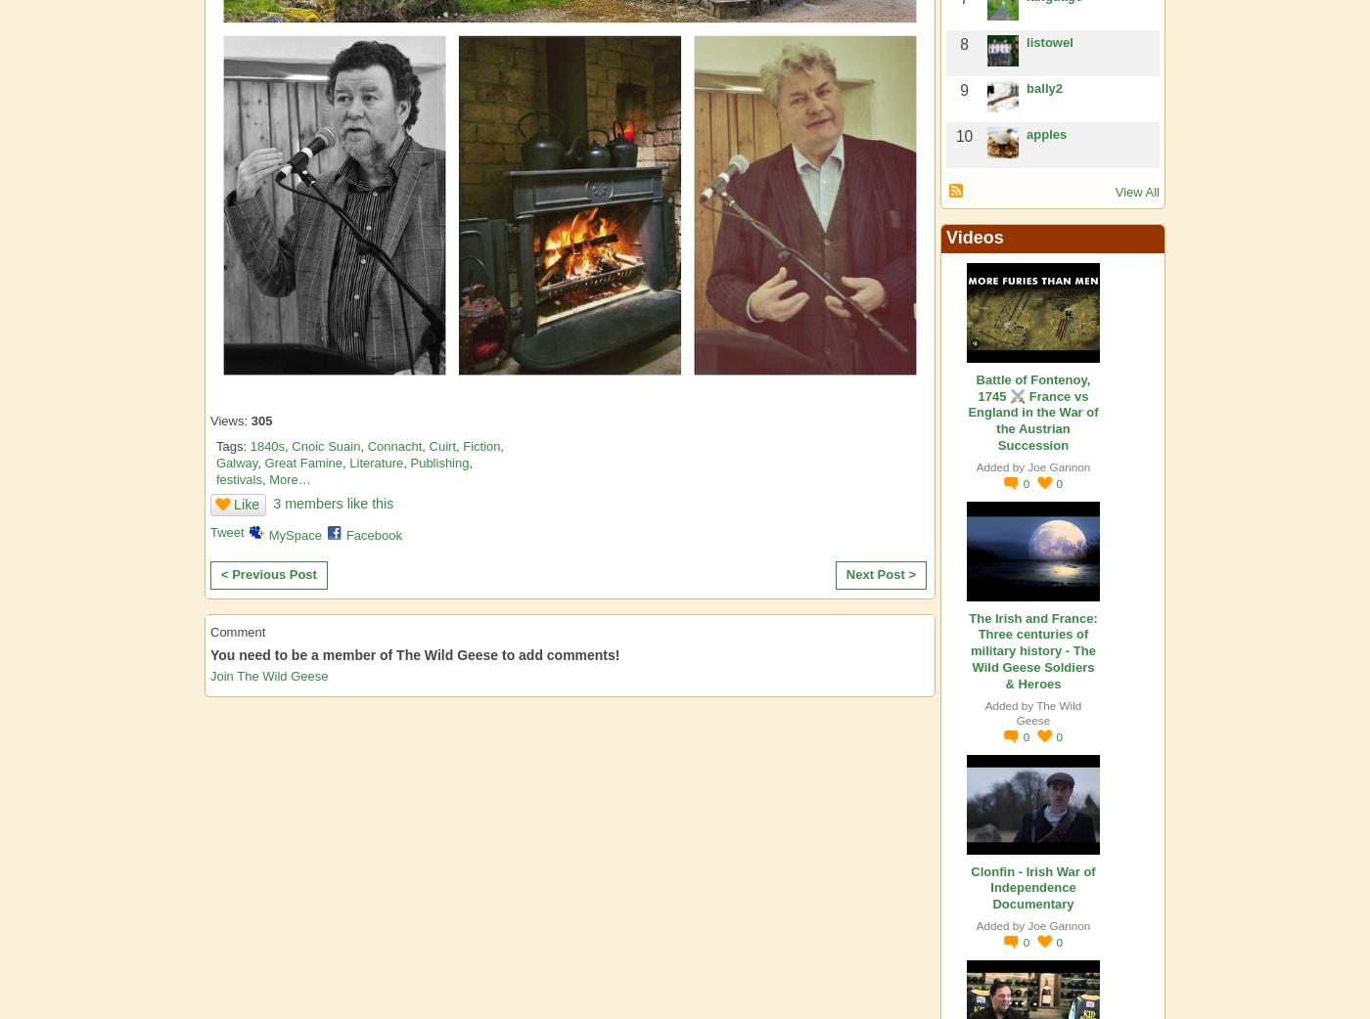 The image size is (1370, 1019). Describe the element at coordinates (376, 463) in the screenshot. I see `'Literature'` at that location.